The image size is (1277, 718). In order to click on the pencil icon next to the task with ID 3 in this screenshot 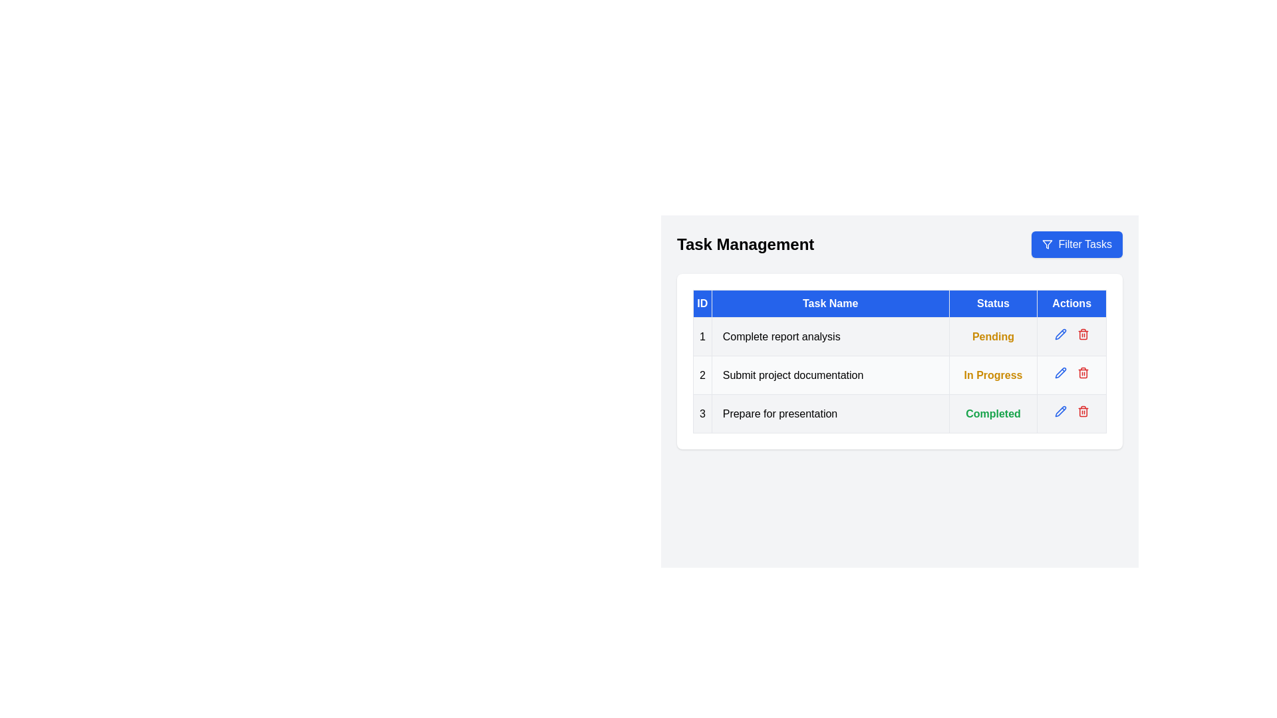, I will do `click(1060, 410)`.